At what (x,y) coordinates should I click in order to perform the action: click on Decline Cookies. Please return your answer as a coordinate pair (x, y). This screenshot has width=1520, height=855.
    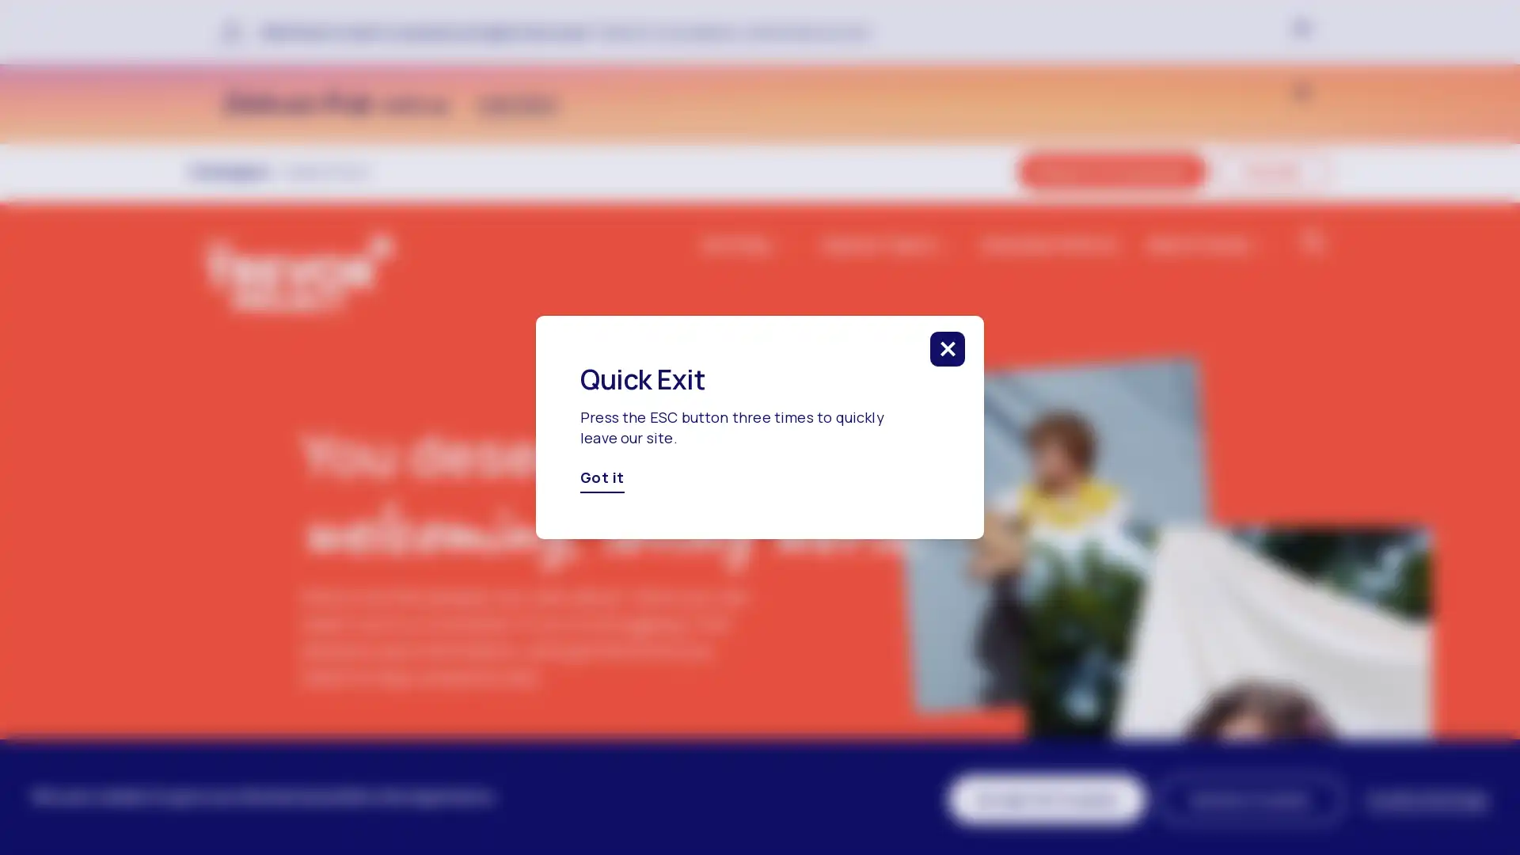
    Looking at the image, I should click on (1249, 800).